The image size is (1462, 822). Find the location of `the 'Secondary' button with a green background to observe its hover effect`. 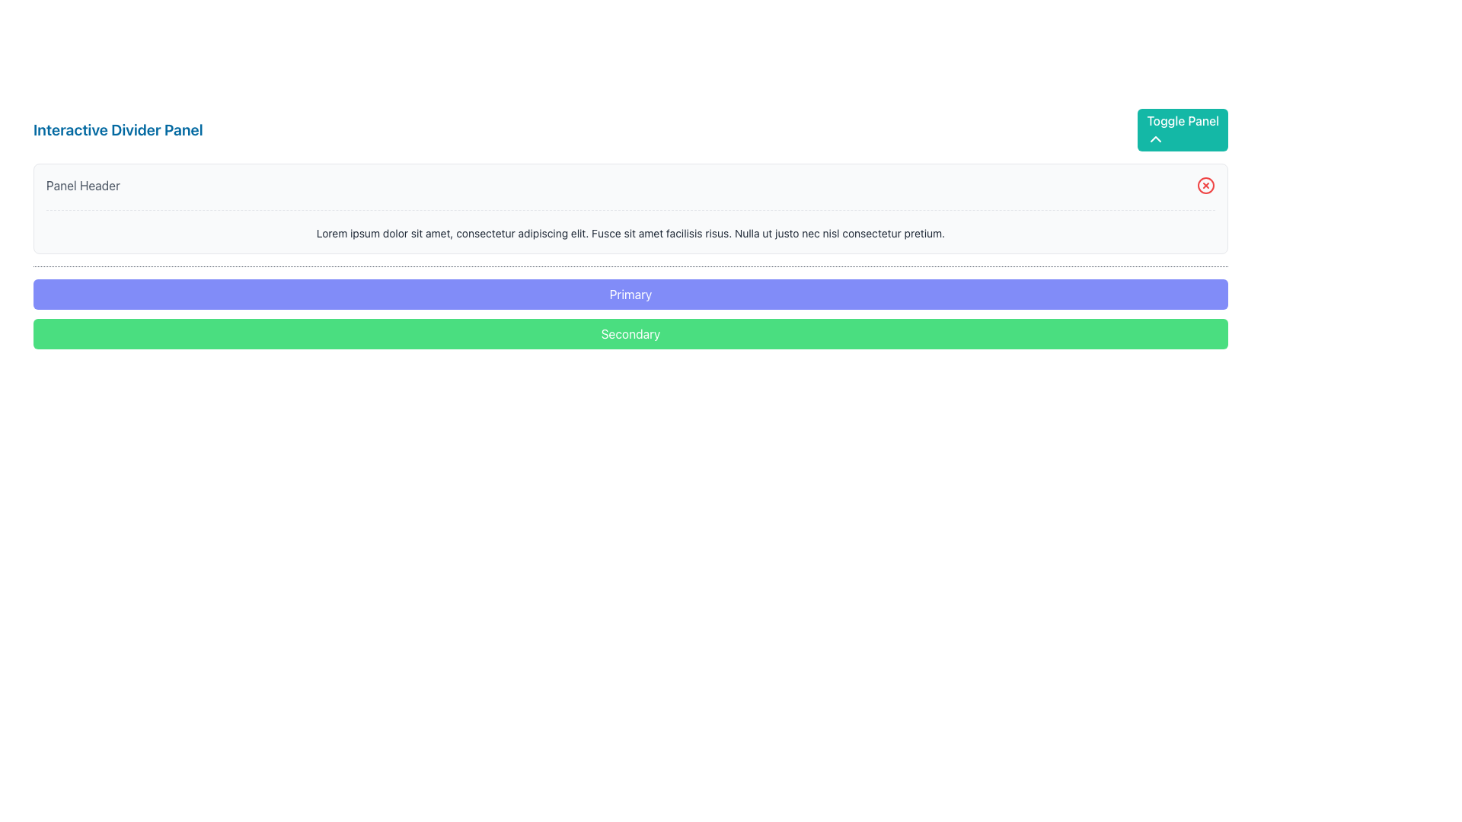

the 'Secondary' button with a green background to observe its hover effect is located at coordinates (630, 333).